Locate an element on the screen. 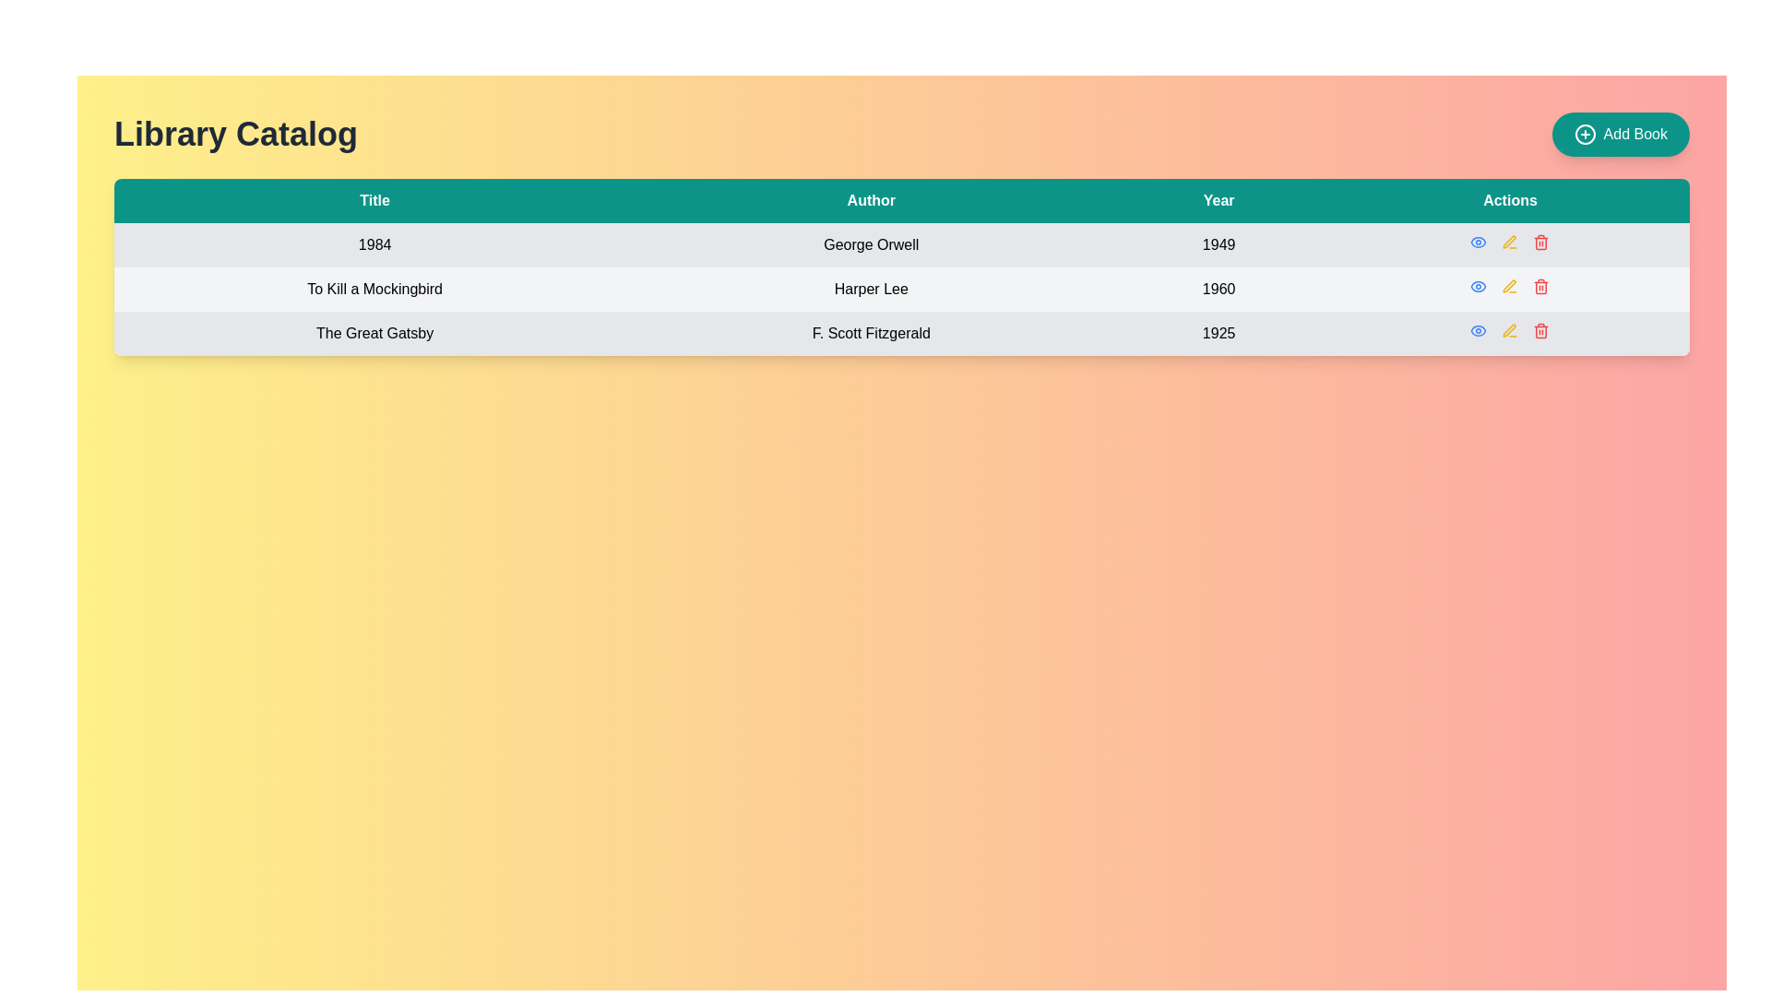 This screenshot has width=1771, height=996. text content of the Text element displaying 'Harper Lee' in the 'Author' column of the second row in the table aligned with 'To Kill a Mockingbird' and '1960' is located at coordinates (870, 289).